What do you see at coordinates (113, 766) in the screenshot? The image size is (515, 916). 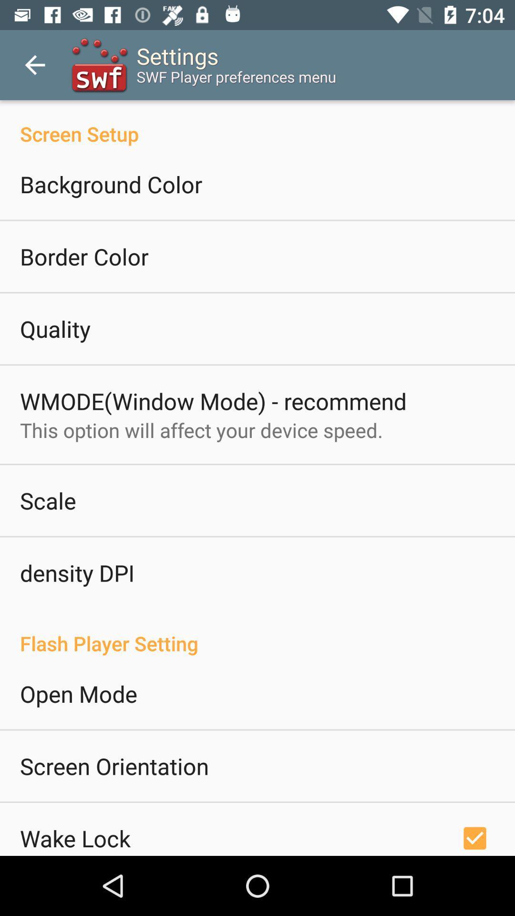 I see `icon below the open mode icon` at bounding box center [113, 766].